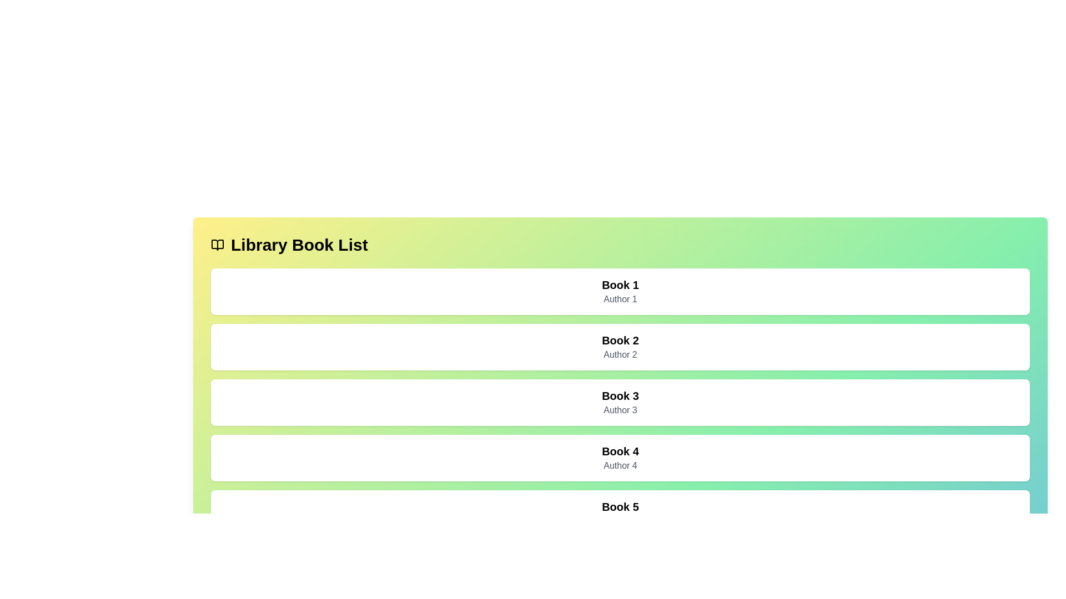 This screenshot has width=1066, height=599. What do you see at coordinates (620, 355) in the screenshot?
I see `the text label displaying 'Author 2' which is styled with gray color and positioned below the title 'Book 2' within a card-like structure` at bounding box center [620, 355].